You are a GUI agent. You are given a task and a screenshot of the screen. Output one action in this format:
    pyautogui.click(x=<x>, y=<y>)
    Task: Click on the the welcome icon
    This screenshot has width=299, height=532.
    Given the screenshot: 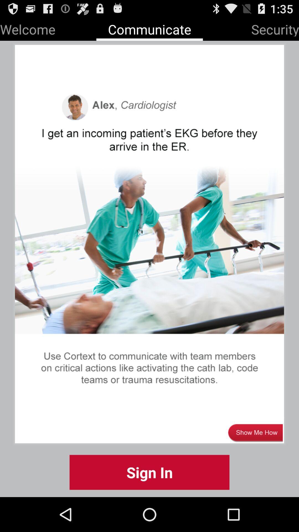 What is the action you would take?
    pyautogui.click(x=28, y=28)
    